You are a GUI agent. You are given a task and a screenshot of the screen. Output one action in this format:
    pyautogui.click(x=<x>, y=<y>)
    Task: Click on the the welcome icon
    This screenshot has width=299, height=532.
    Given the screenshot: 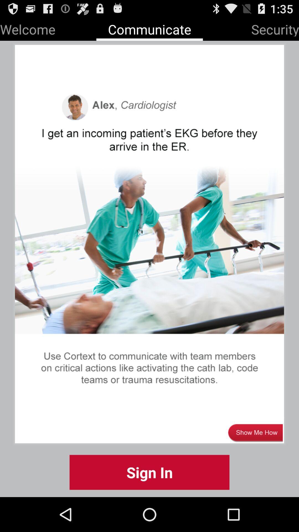 What is the action you would take?
    pyautogui.click(x=28, y=28)
    